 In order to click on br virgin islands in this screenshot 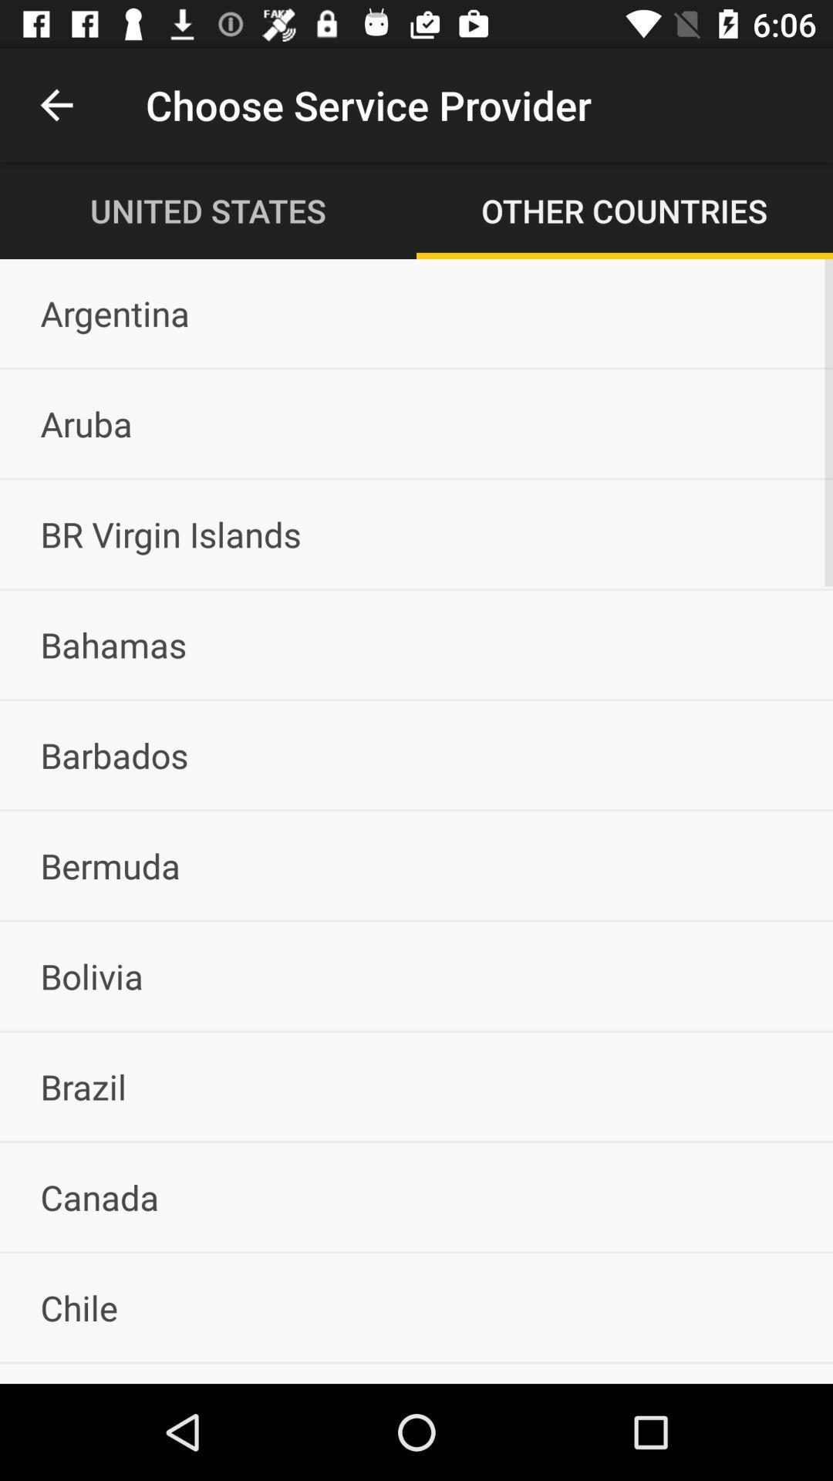, I will do `click(416, 534)`.